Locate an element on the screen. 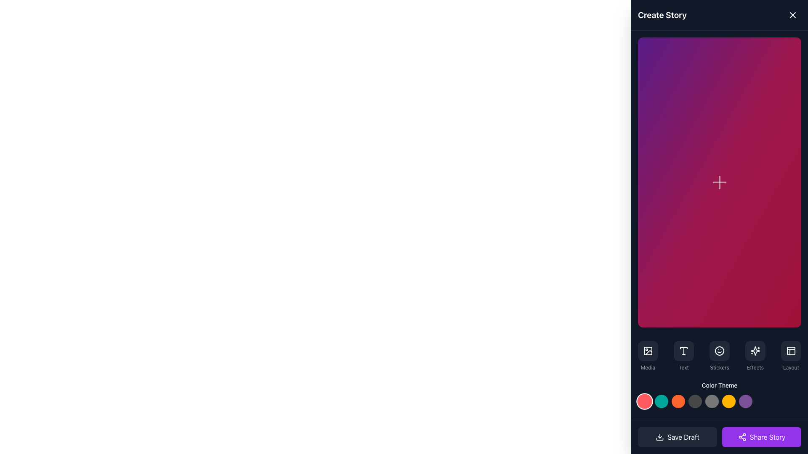 The width and height of the screenshot is (808, 454). the second circular button from the left at the bottom center of the interface is located at coordinates (684, 350).